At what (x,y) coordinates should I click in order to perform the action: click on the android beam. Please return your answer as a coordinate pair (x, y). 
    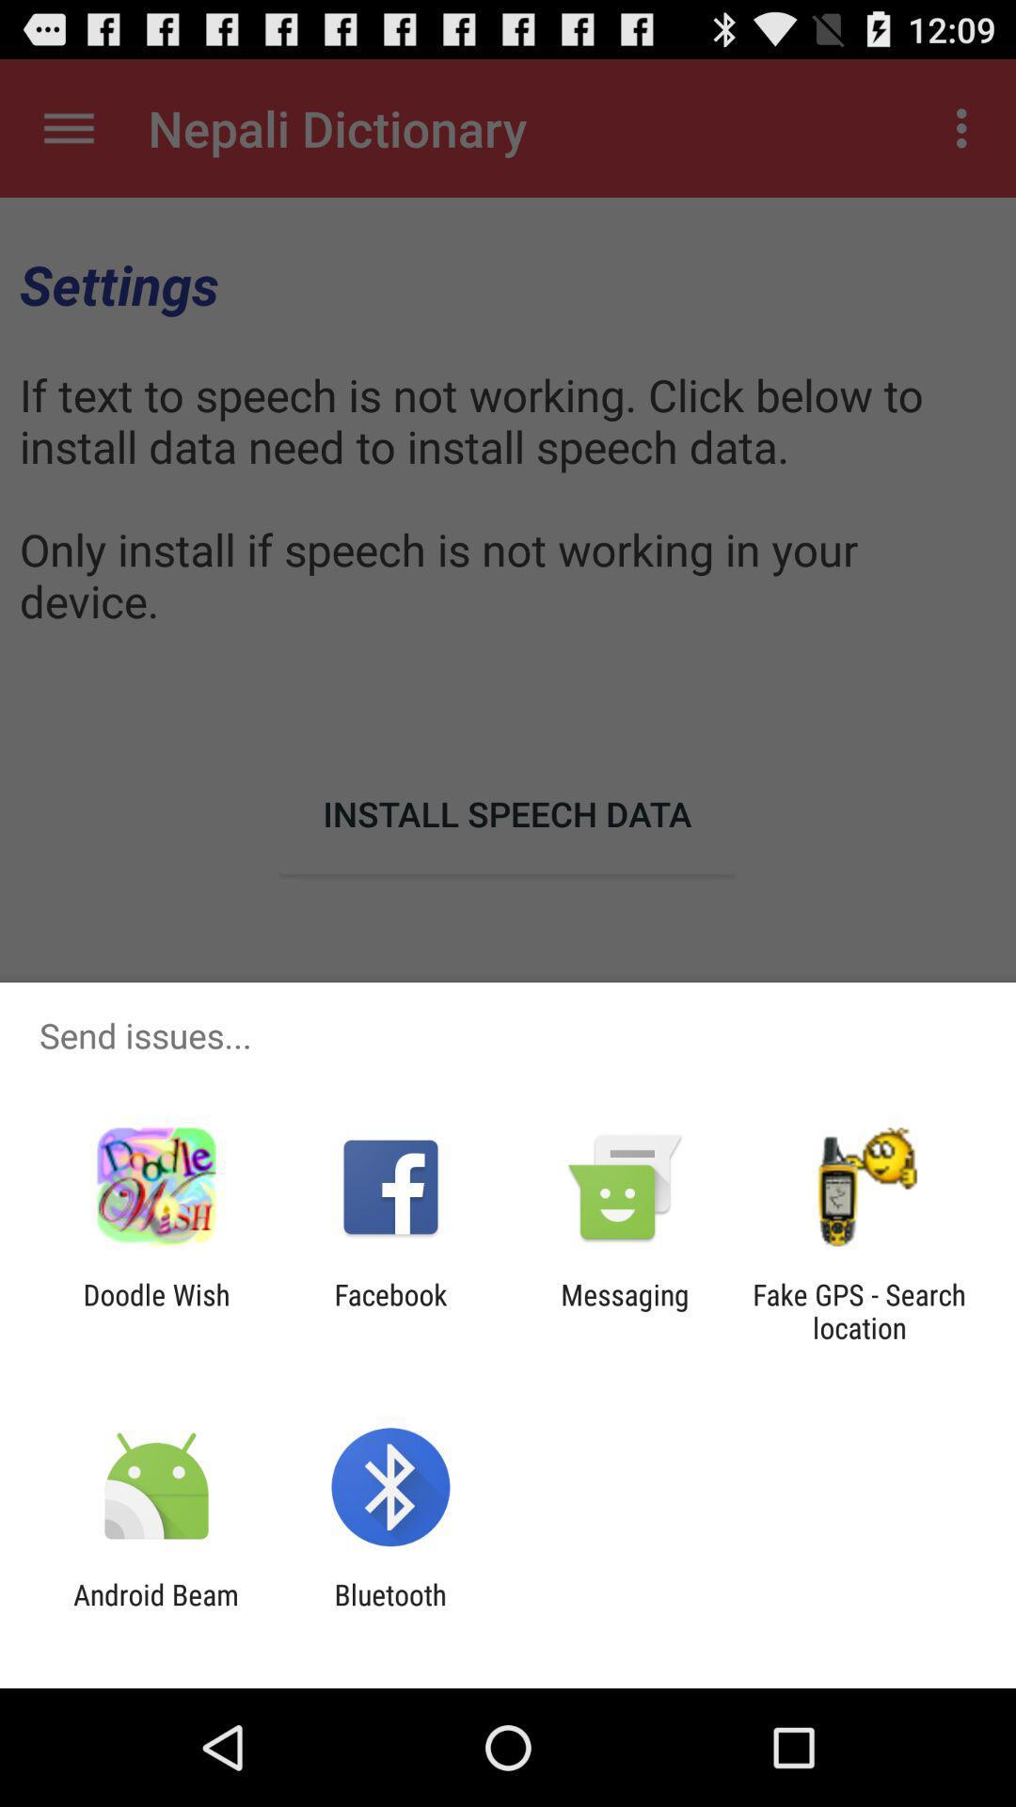
    Looking at the image, I should click on (155, 1610).